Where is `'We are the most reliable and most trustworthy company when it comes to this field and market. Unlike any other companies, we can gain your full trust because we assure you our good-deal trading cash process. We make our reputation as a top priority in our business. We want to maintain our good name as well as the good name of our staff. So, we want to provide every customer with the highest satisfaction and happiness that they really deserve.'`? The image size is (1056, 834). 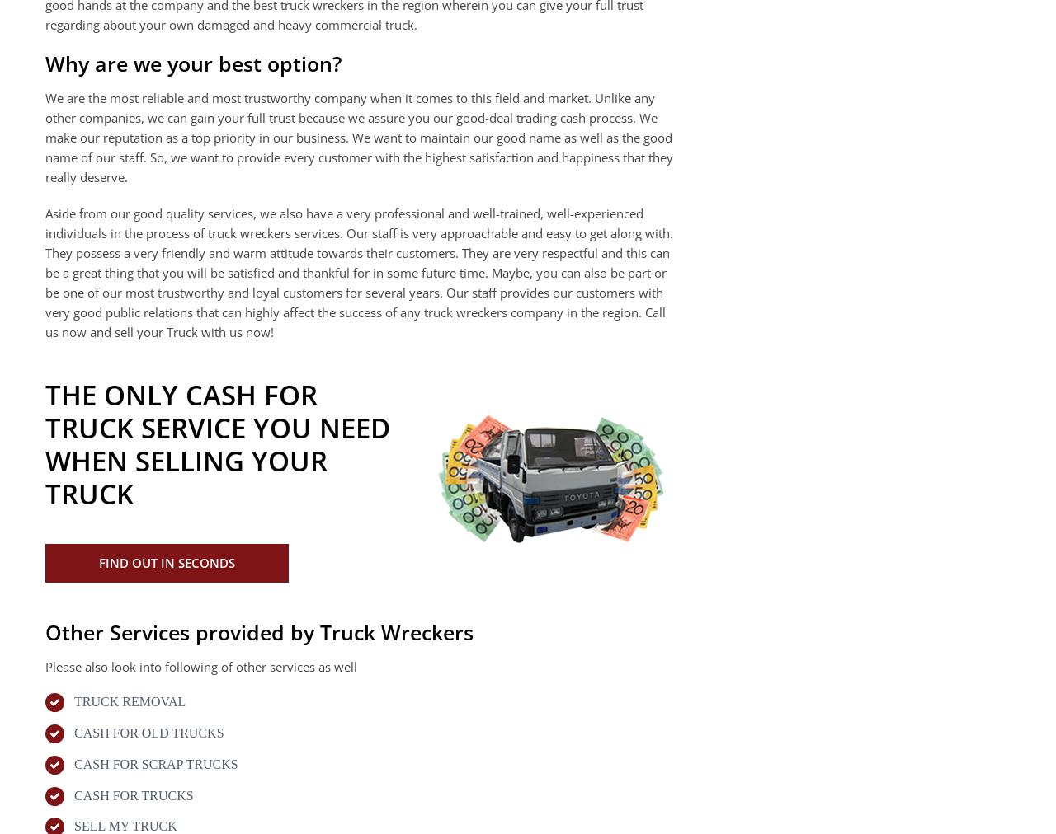
'We are the most reliable and most trustworthy company when it comes to this field and market. Unlike any other companies, we can gain your full trust because we assure you our good-deal trading cash process. We make our reputation as a top priority in our business. We want to maintain our good name as well as the good name of our staff. So, we want to provide every customer with the highest satisfaction and happiness that they really deserve.' is located at coordinates (358, 136).